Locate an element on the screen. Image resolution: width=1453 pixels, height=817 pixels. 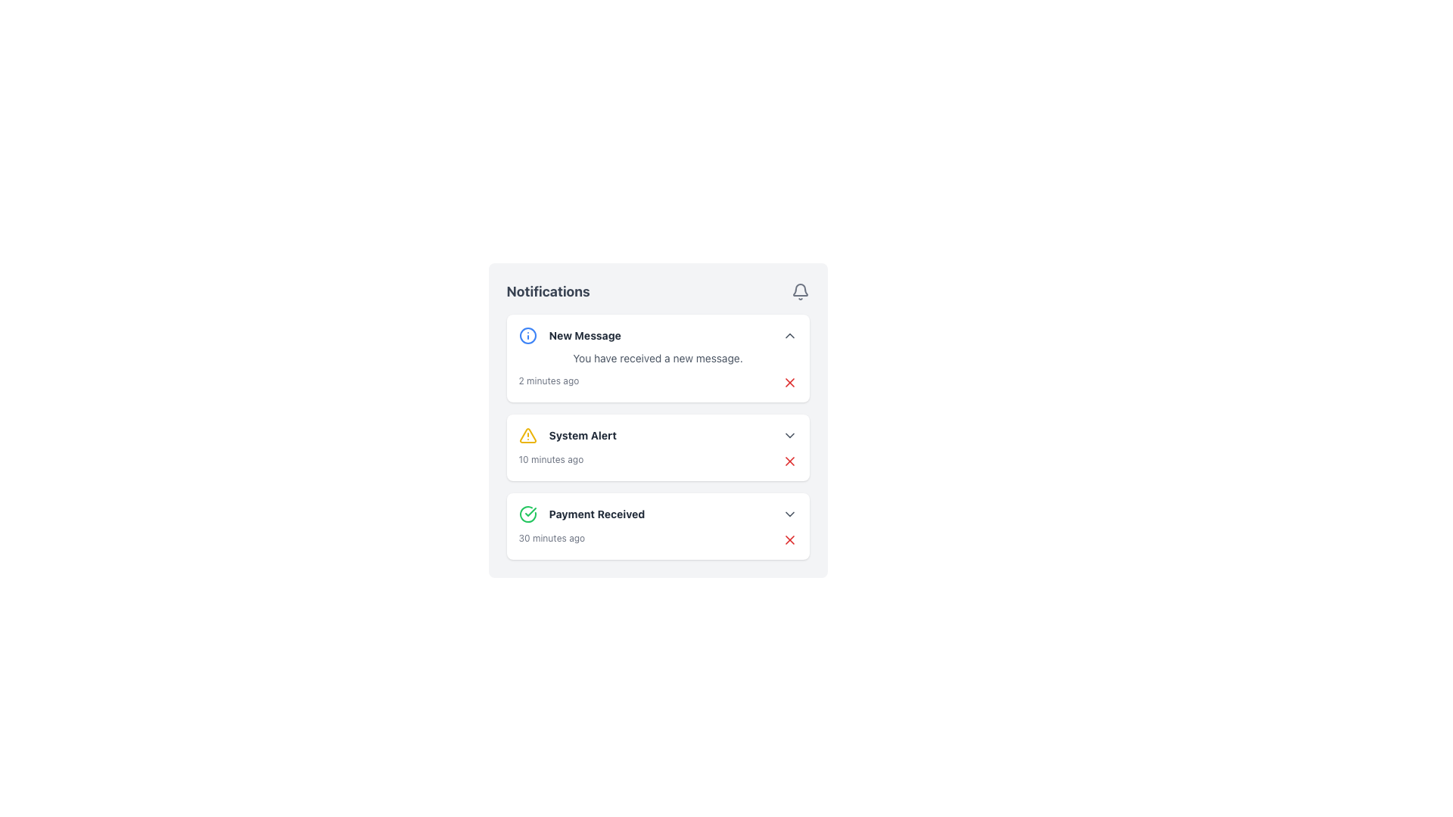
the close button of the 'System Alert' notification is located at coordinates (789, 460).